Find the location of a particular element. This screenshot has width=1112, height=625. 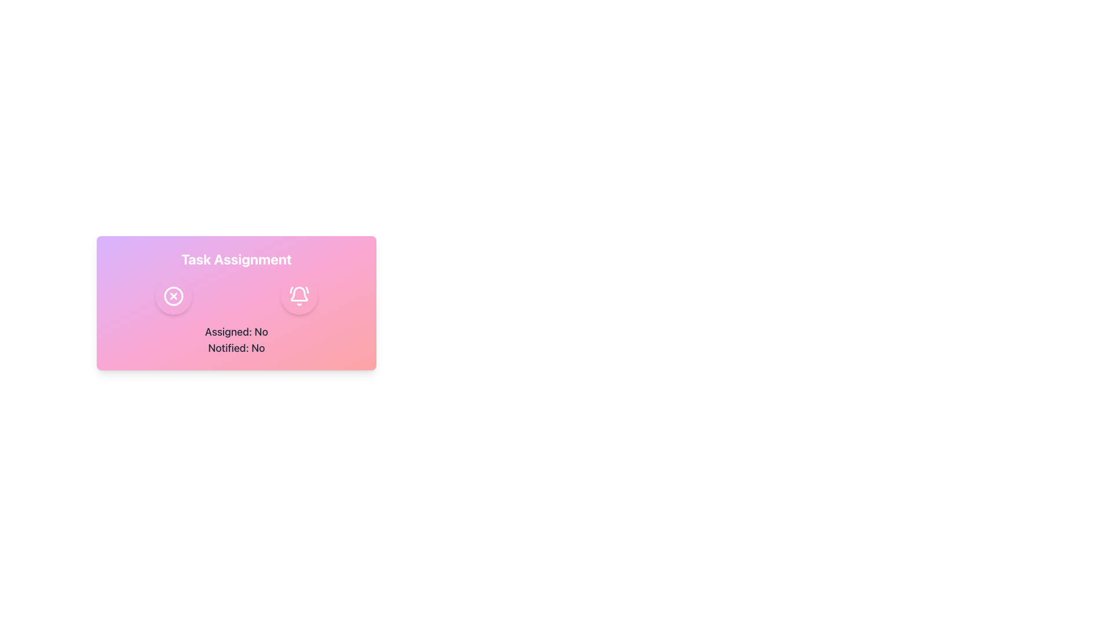

the small curved line of the bell icon located in the top-right section of the rounded rectangular card with a gradient background is located at coordinates (291, 289).